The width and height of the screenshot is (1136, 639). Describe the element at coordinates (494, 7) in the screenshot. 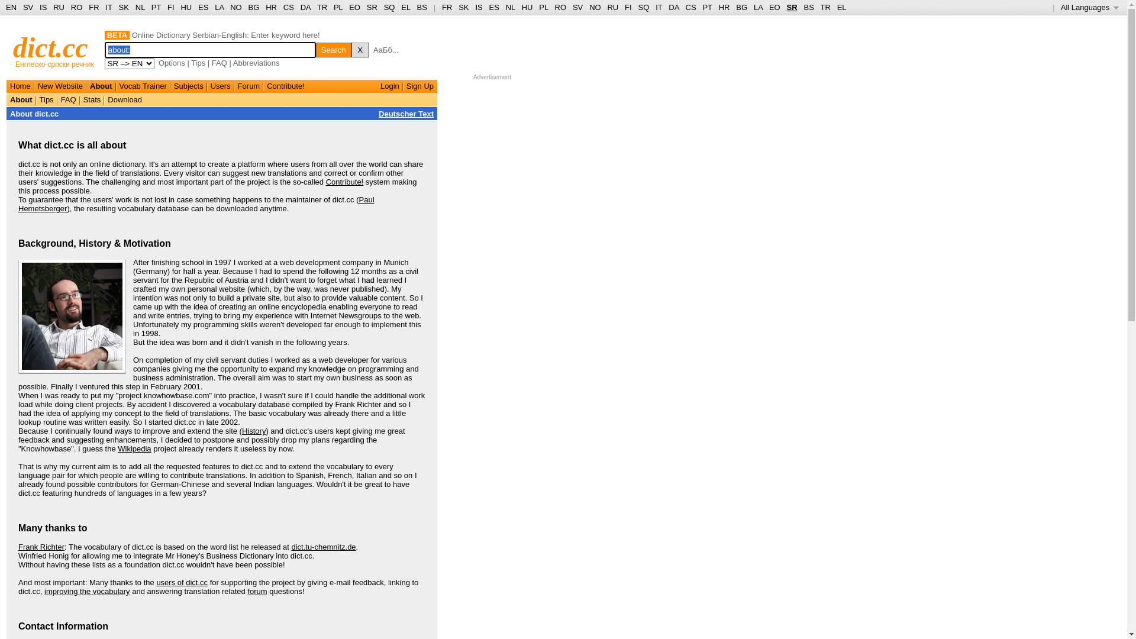

I see `'ES'` at that location.